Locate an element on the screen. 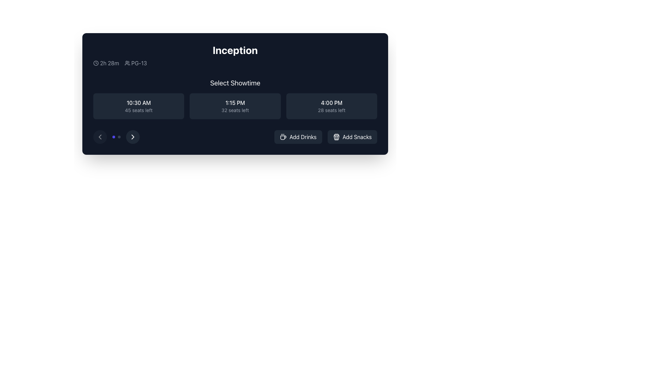 This screenshot has height=369, width=656. the snack icon located within the 'Add Snacks' button, positioned at the right side of the row of two buttons beneath the timing details is located at coordinates (336, 137).